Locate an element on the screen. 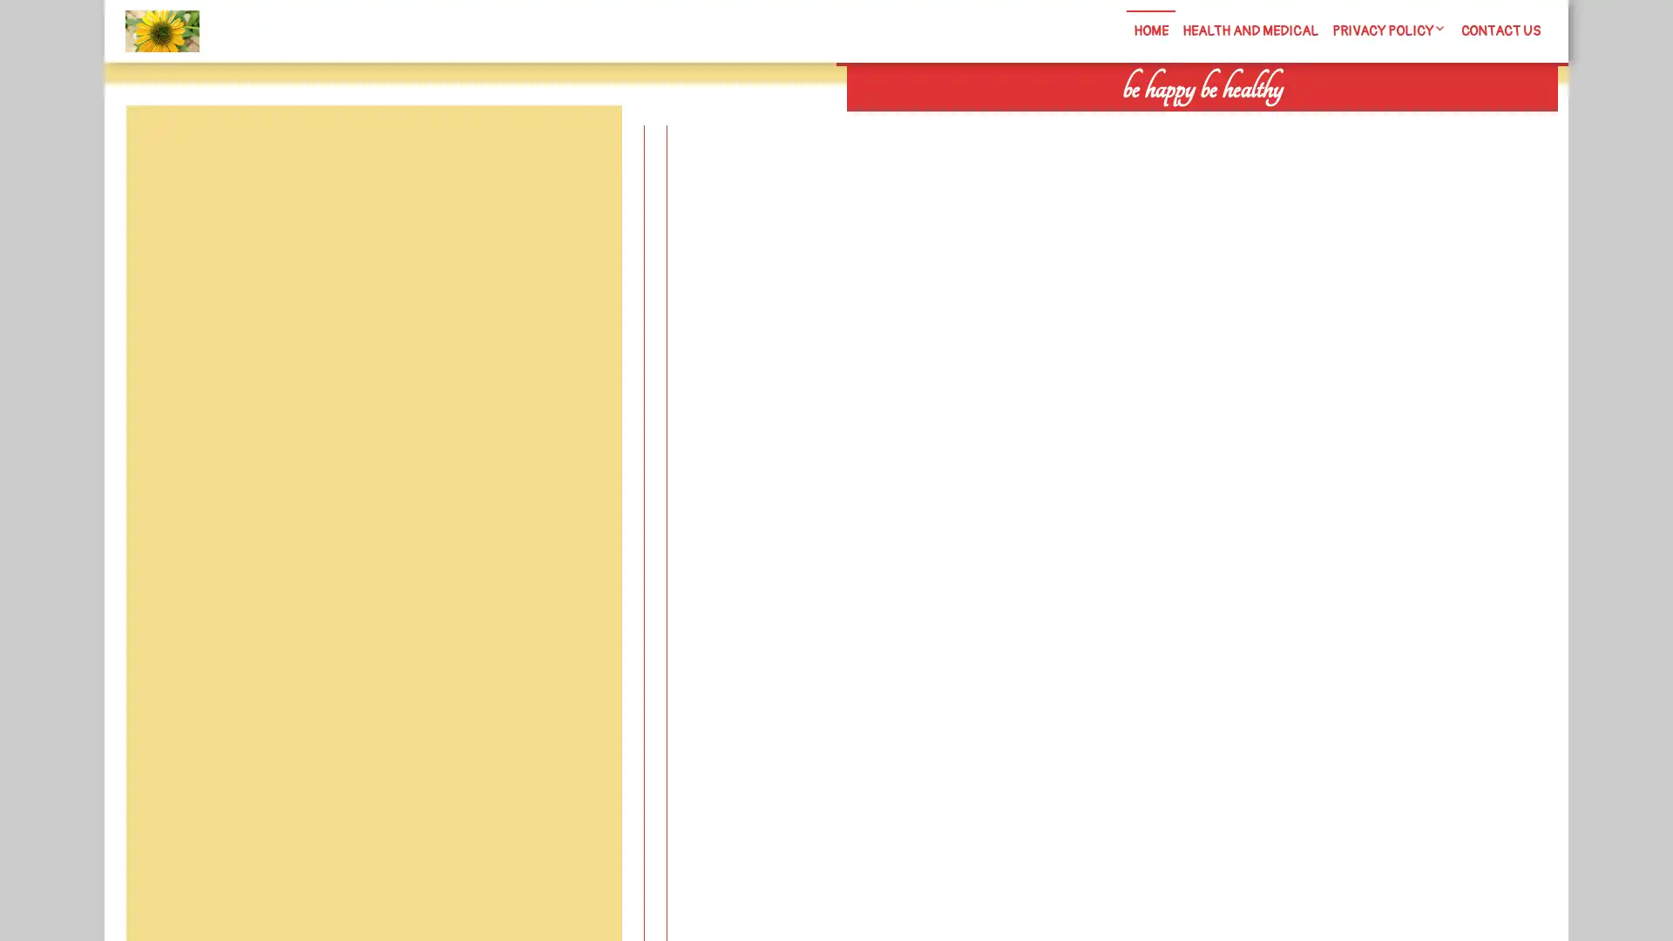  Search is located at coordinates (1357, 122).